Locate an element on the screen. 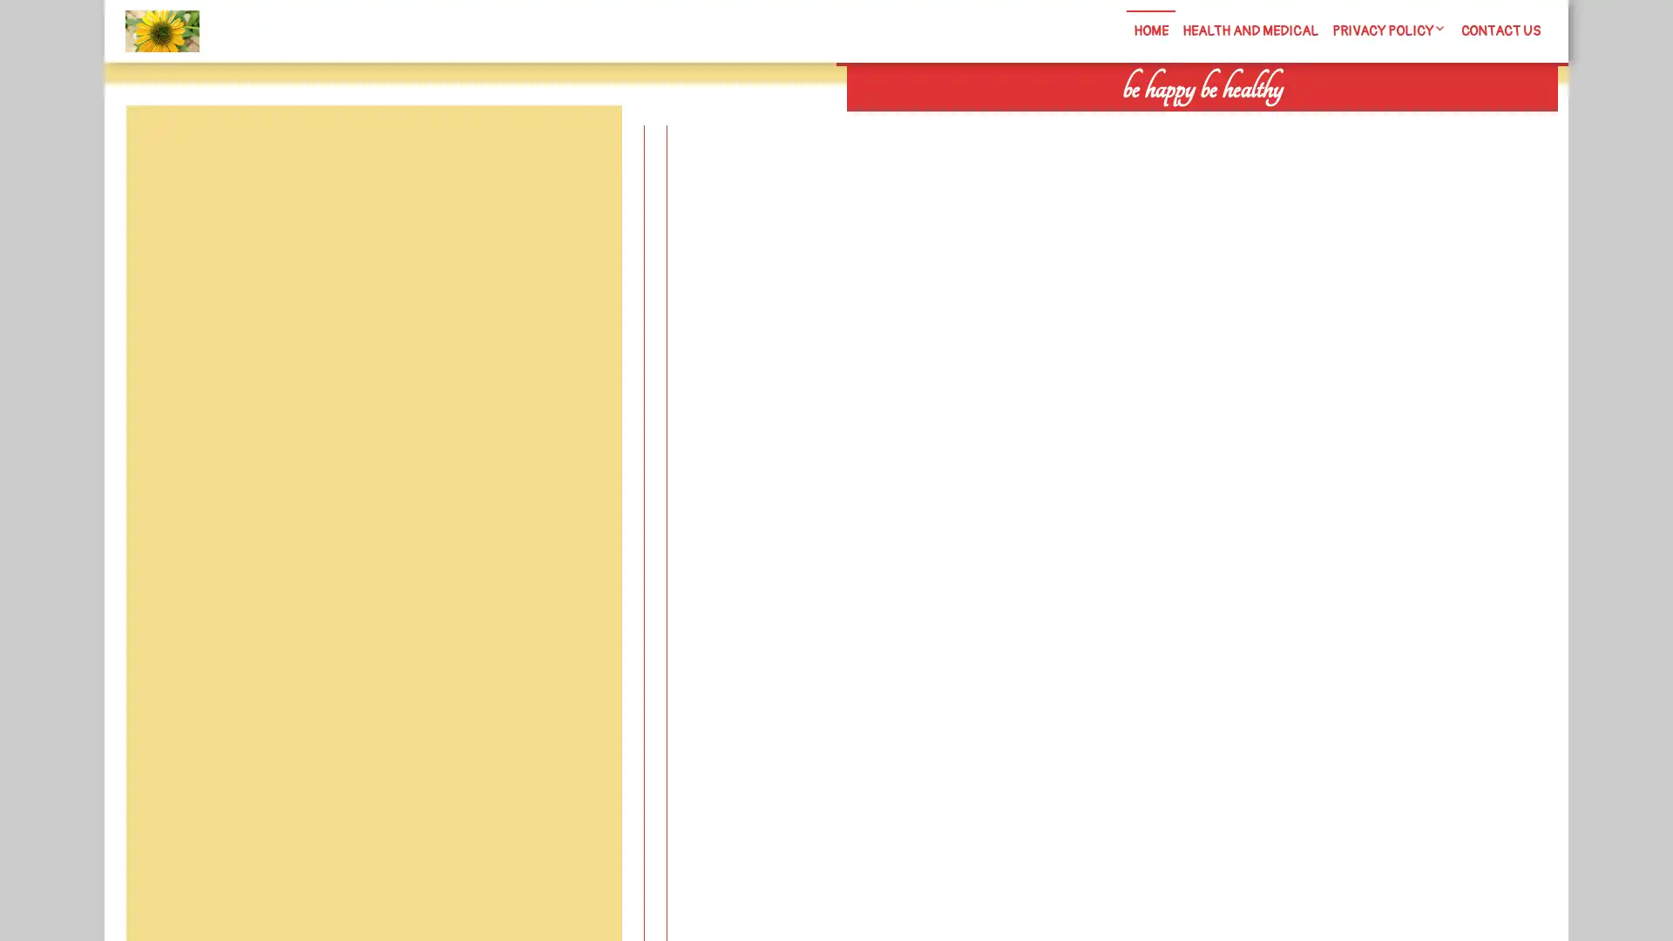  Search is located at coordinates (1357, 122).